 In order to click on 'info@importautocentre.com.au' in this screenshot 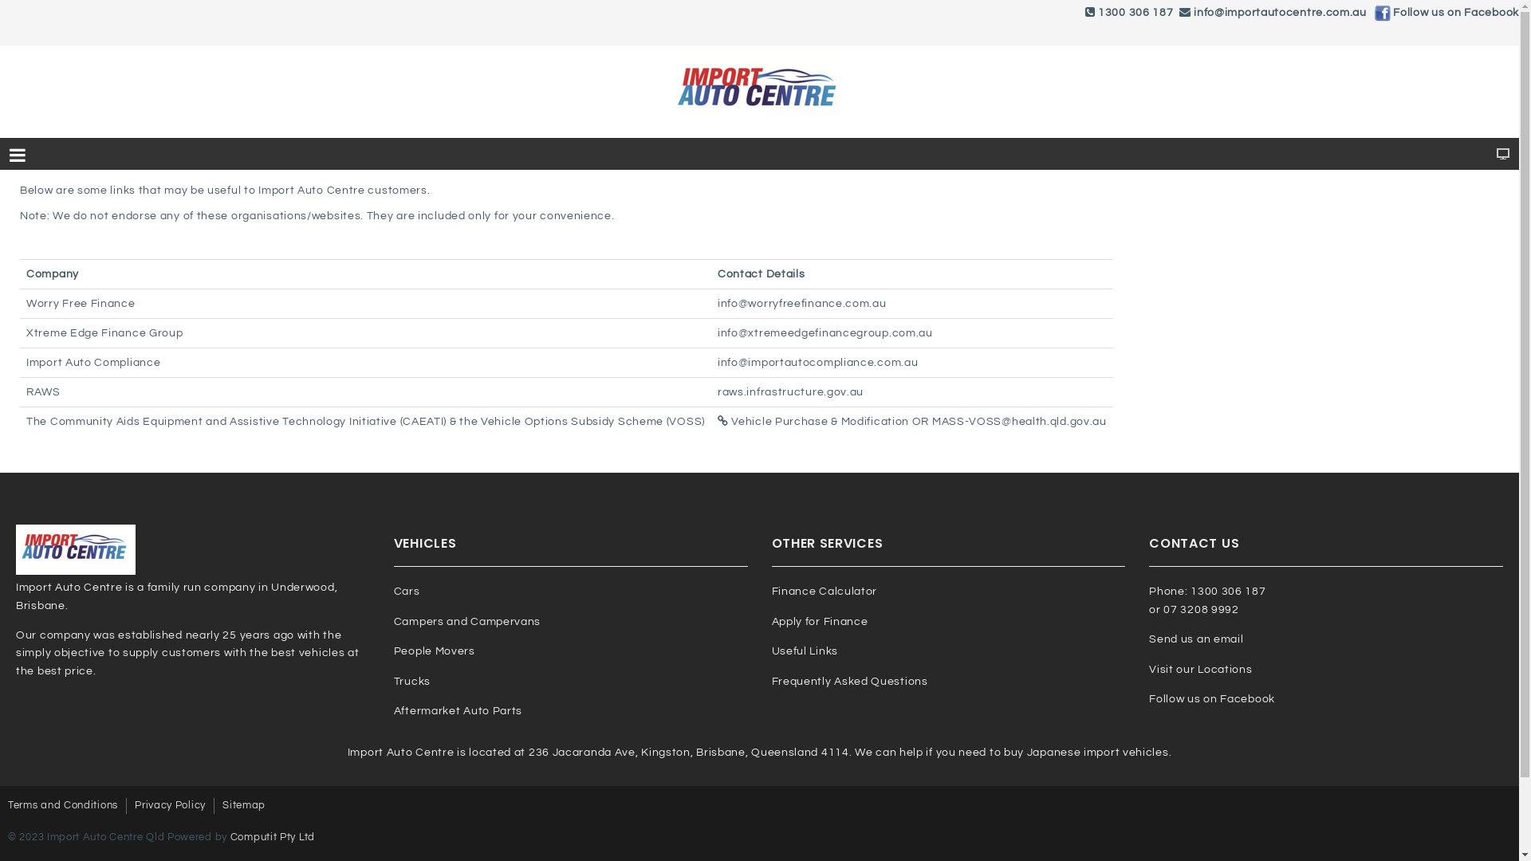, I will do `click(1280, 12)`.